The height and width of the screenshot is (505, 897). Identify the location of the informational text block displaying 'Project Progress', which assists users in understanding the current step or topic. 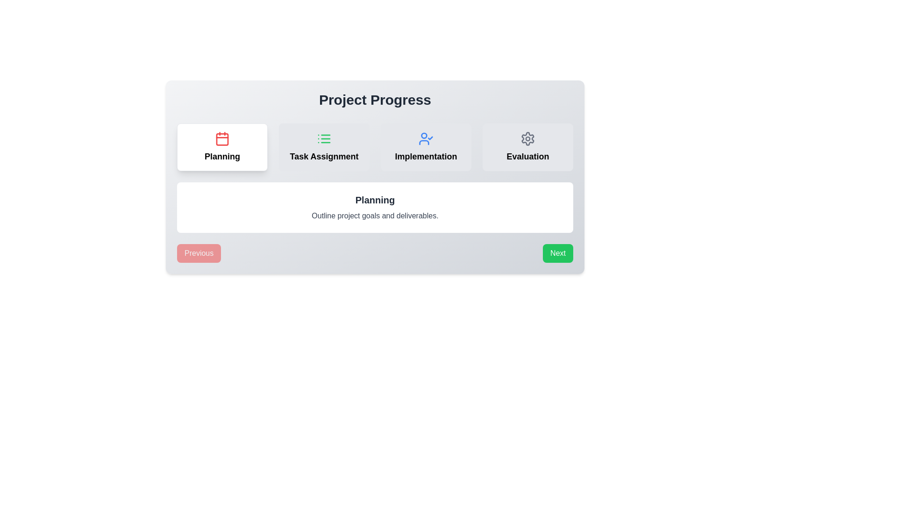
(375, 207).